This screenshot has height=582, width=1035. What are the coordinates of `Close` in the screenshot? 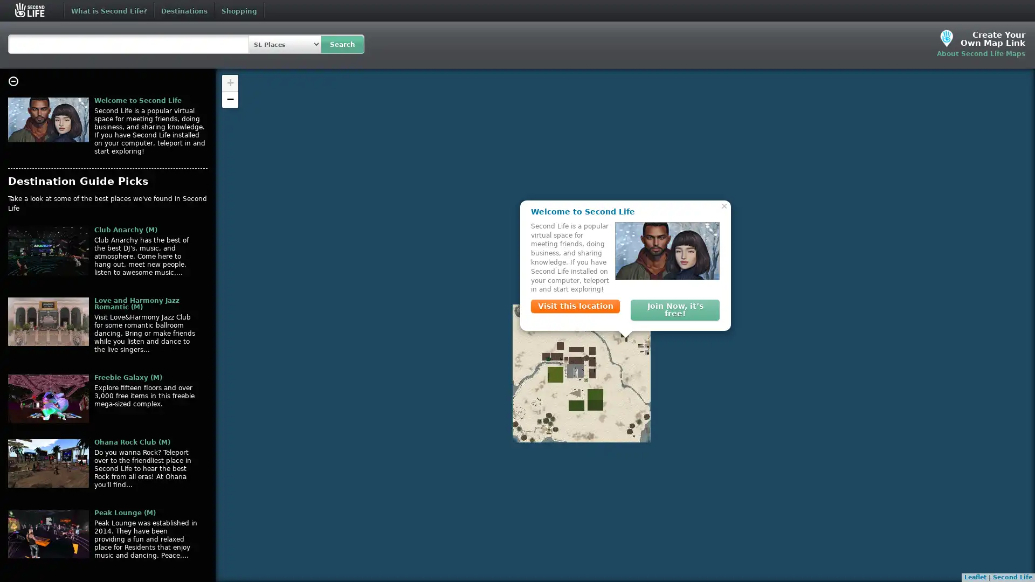 It's located at (807, 529).